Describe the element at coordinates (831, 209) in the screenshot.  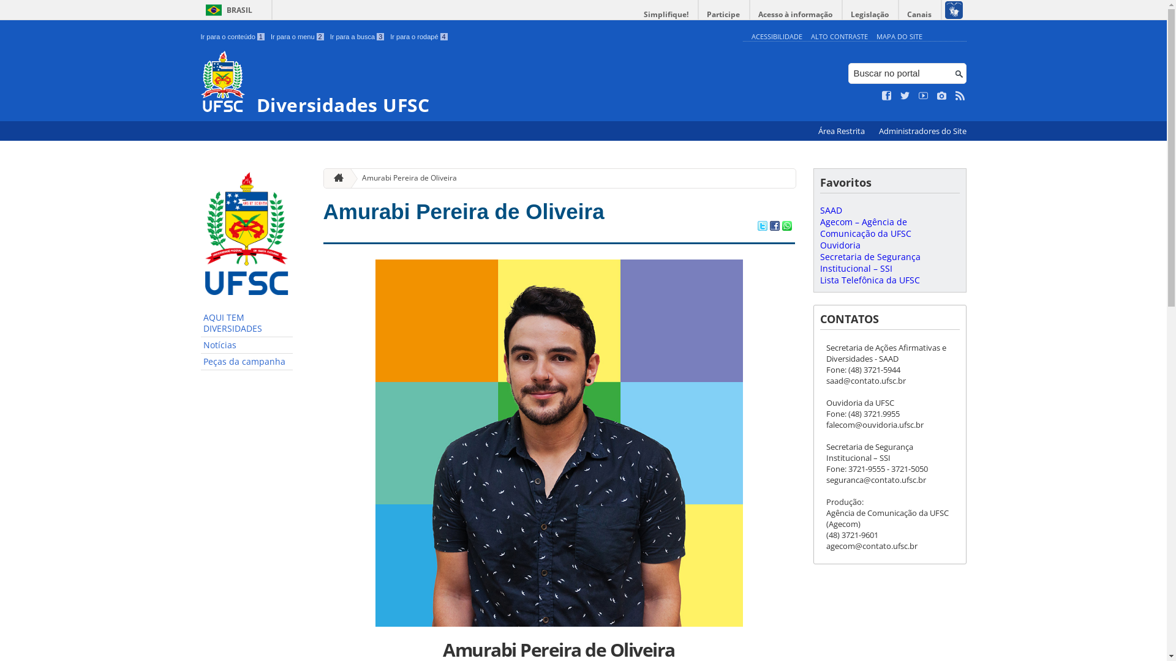
I see `'SAAD'` at that location.